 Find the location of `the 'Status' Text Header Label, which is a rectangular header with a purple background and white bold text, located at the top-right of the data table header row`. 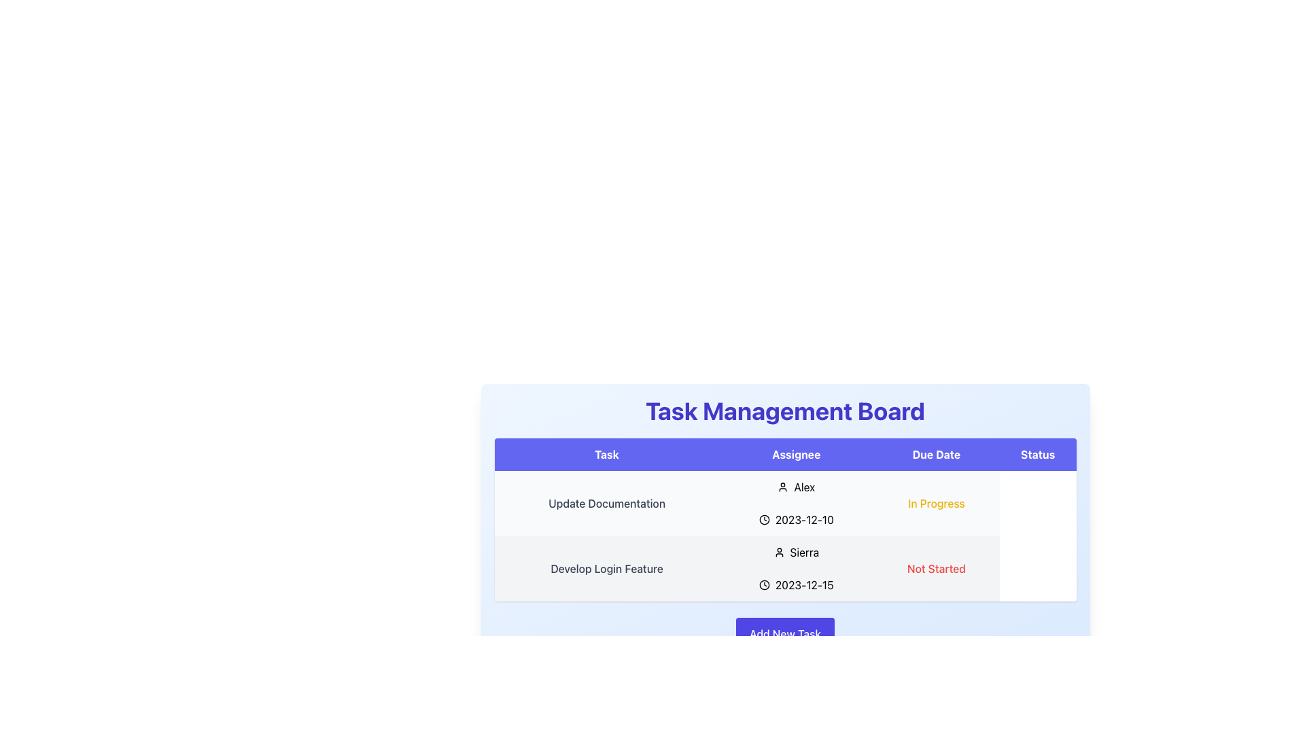

the 'Status' Text Header Label, which is a rectangular header with a purple background and white bold text, located at the top-right of the data table header row is located at coordinates (1037, 454).